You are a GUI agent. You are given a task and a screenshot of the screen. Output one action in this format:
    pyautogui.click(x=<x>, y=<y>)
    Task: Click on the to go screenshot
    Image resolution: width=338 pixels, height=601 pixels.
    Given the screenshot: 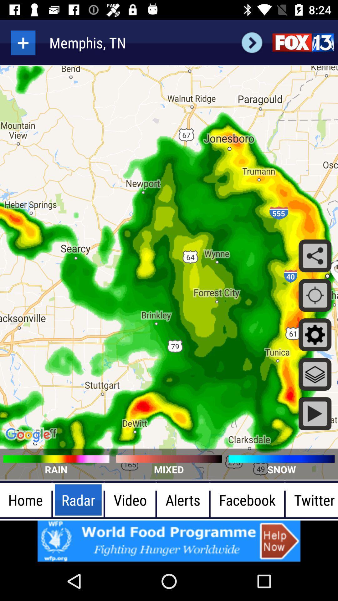 What is the action you would take?
    pyautogui.click(x=23, y=42)
    